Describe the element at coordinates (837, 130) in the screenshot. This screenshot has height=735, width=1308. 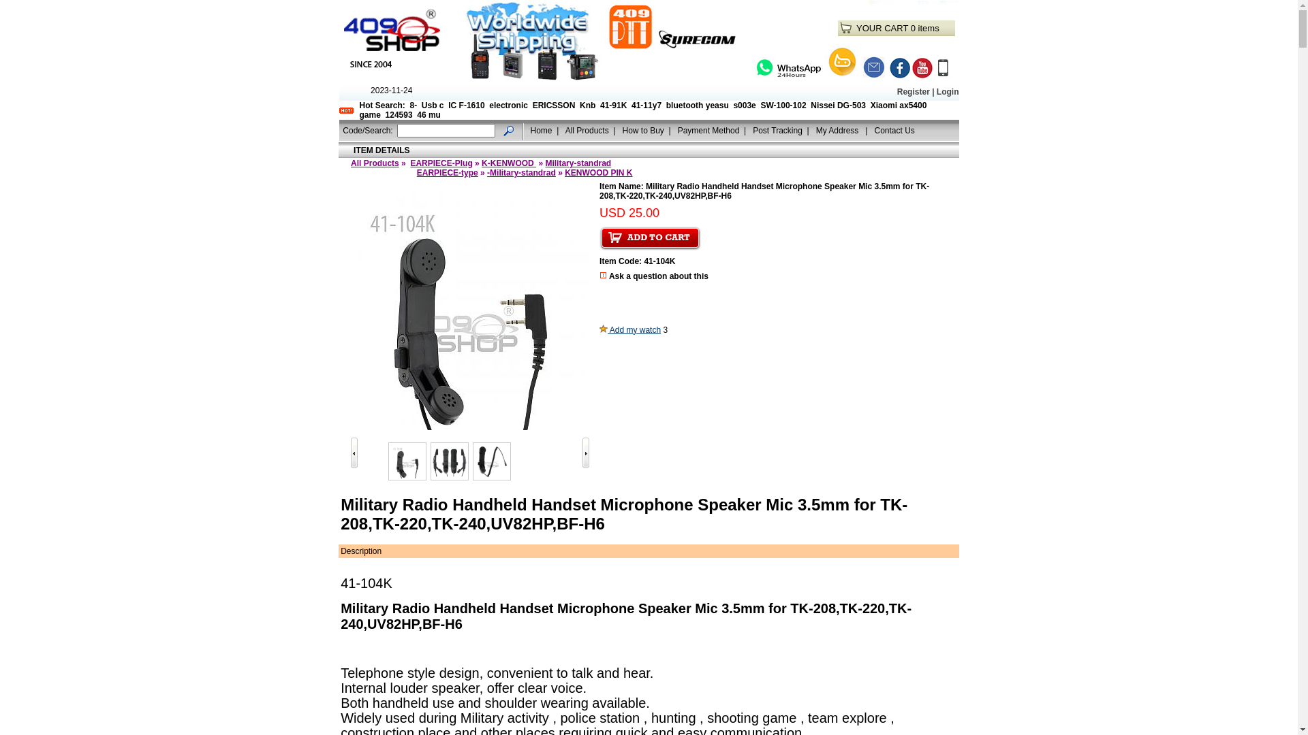
I see `'My Address'` at that location.